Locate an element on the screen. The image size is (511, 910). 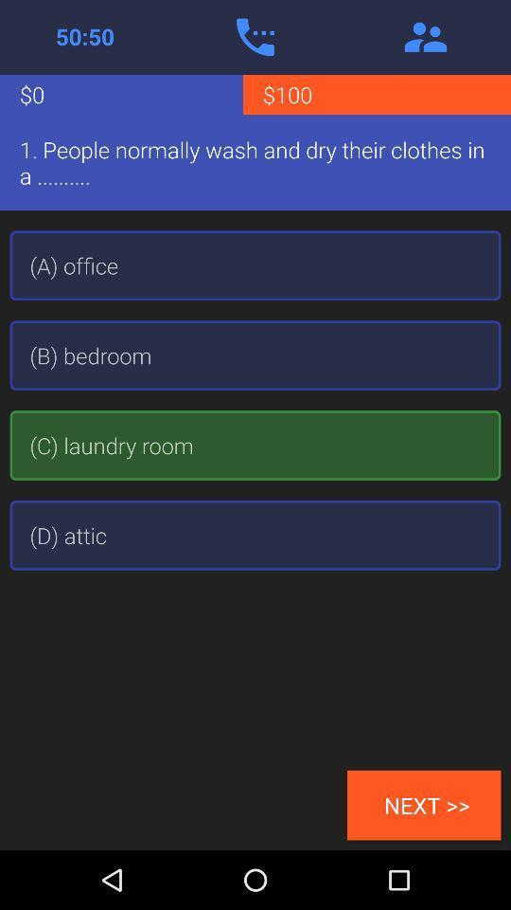
check the length of time is located at coordinates (84, 36).